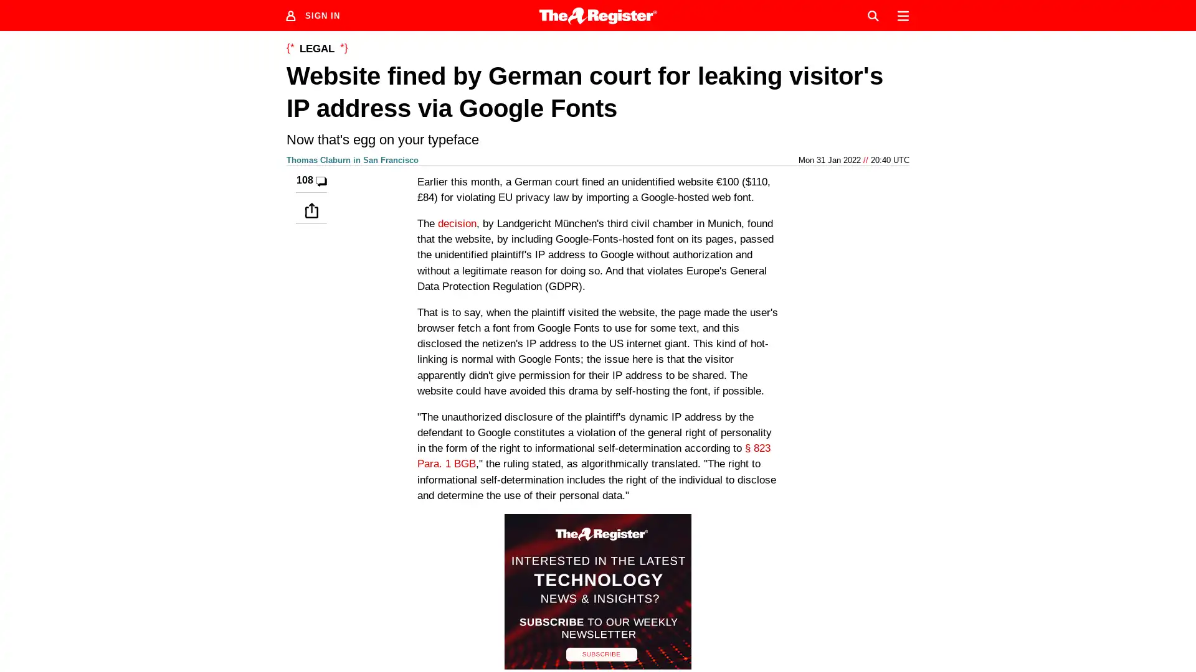 This screenshot has width=1196, height=672. Describe the element at coordinates (311, 209) in the screenshot. I see `Share this story` at that location.